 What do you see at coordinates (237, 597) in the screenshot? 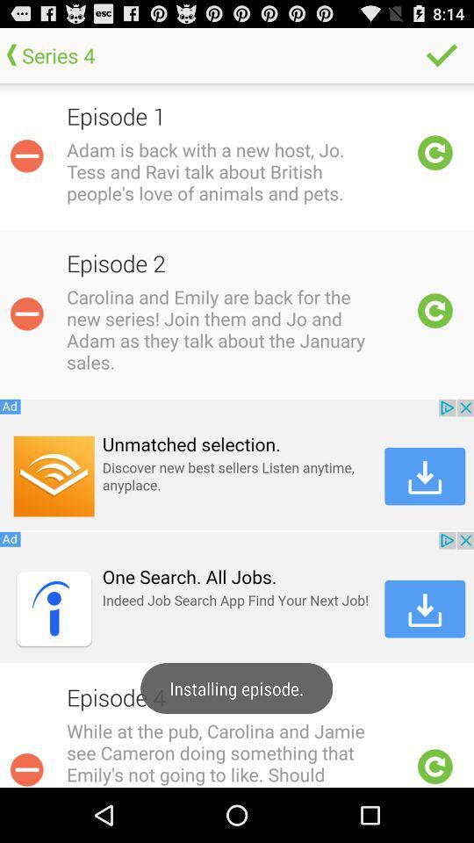
I see `indeed advertisement` at bounding box center [237, 597].